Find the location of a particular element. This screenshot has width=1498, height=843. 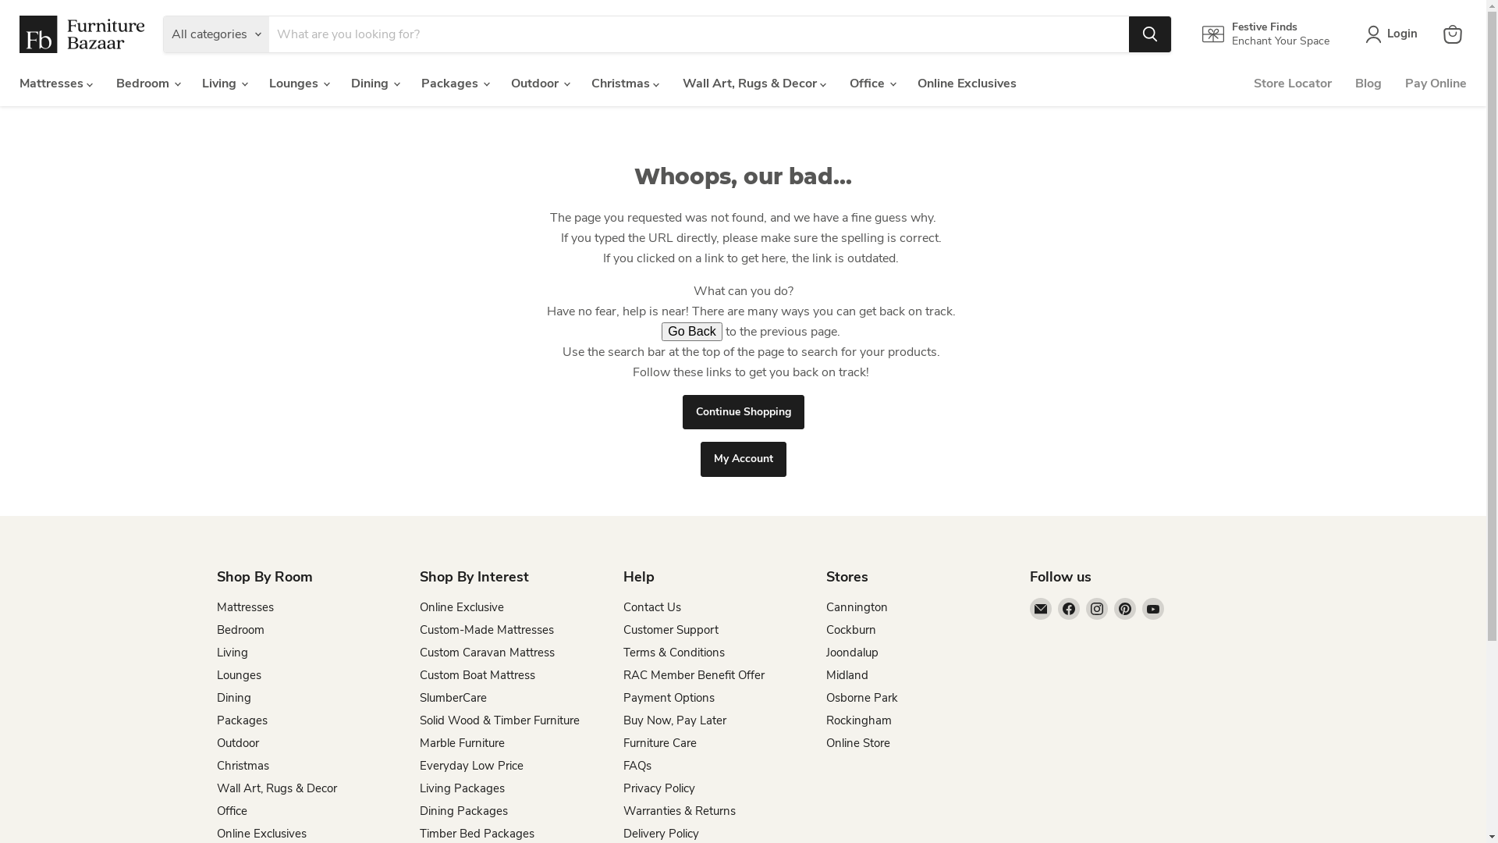

'Christmas' is located at coordinates (242, 764).